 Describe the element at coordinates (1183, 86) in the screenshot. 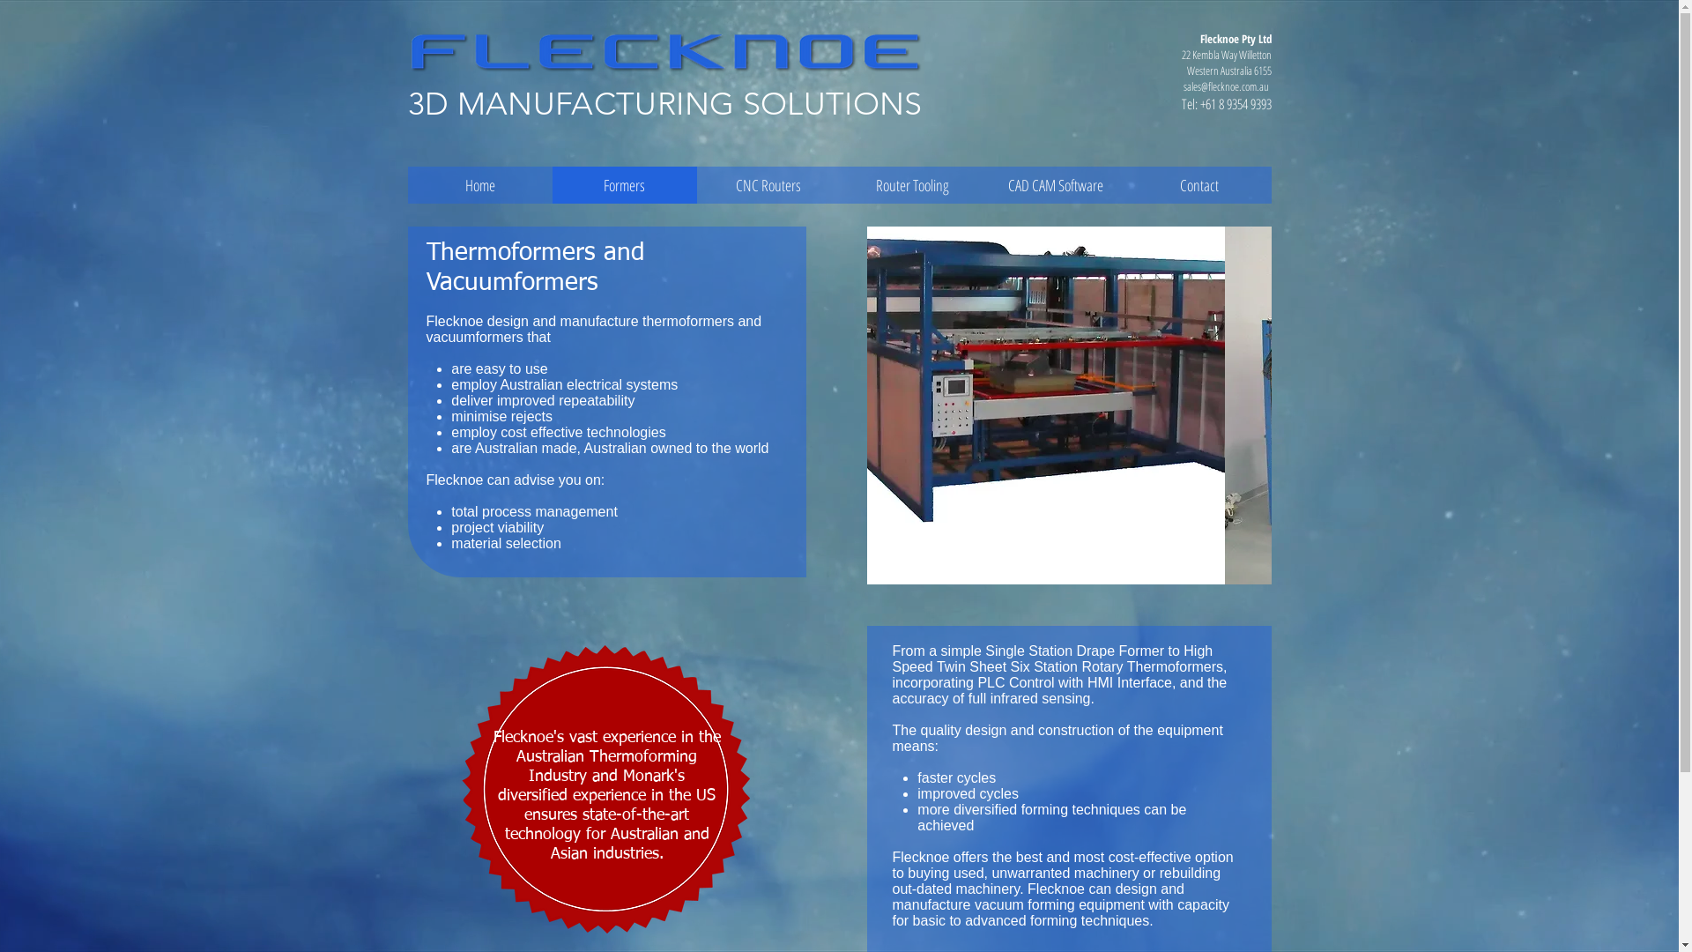

I see `'sales@flecknoe.com.au'` at that location.